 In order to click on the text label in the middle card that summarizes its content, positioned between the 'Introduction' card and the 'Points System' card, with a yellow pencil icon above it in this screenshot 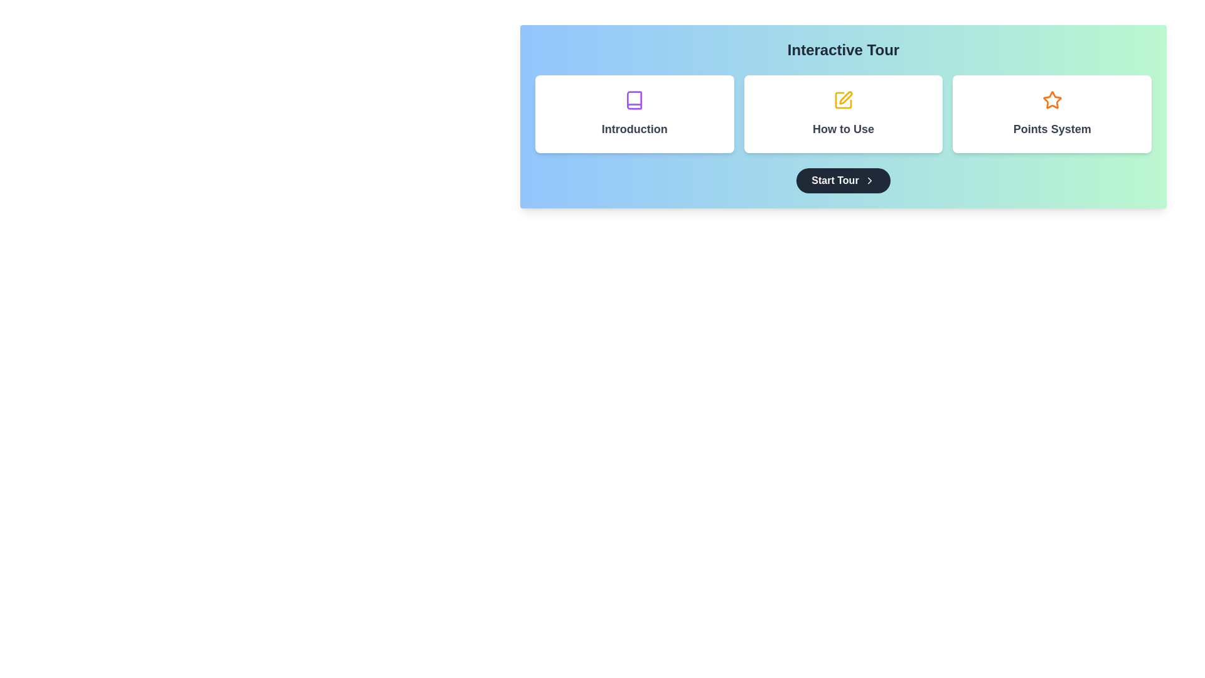, I will do `click(843, 129)`.